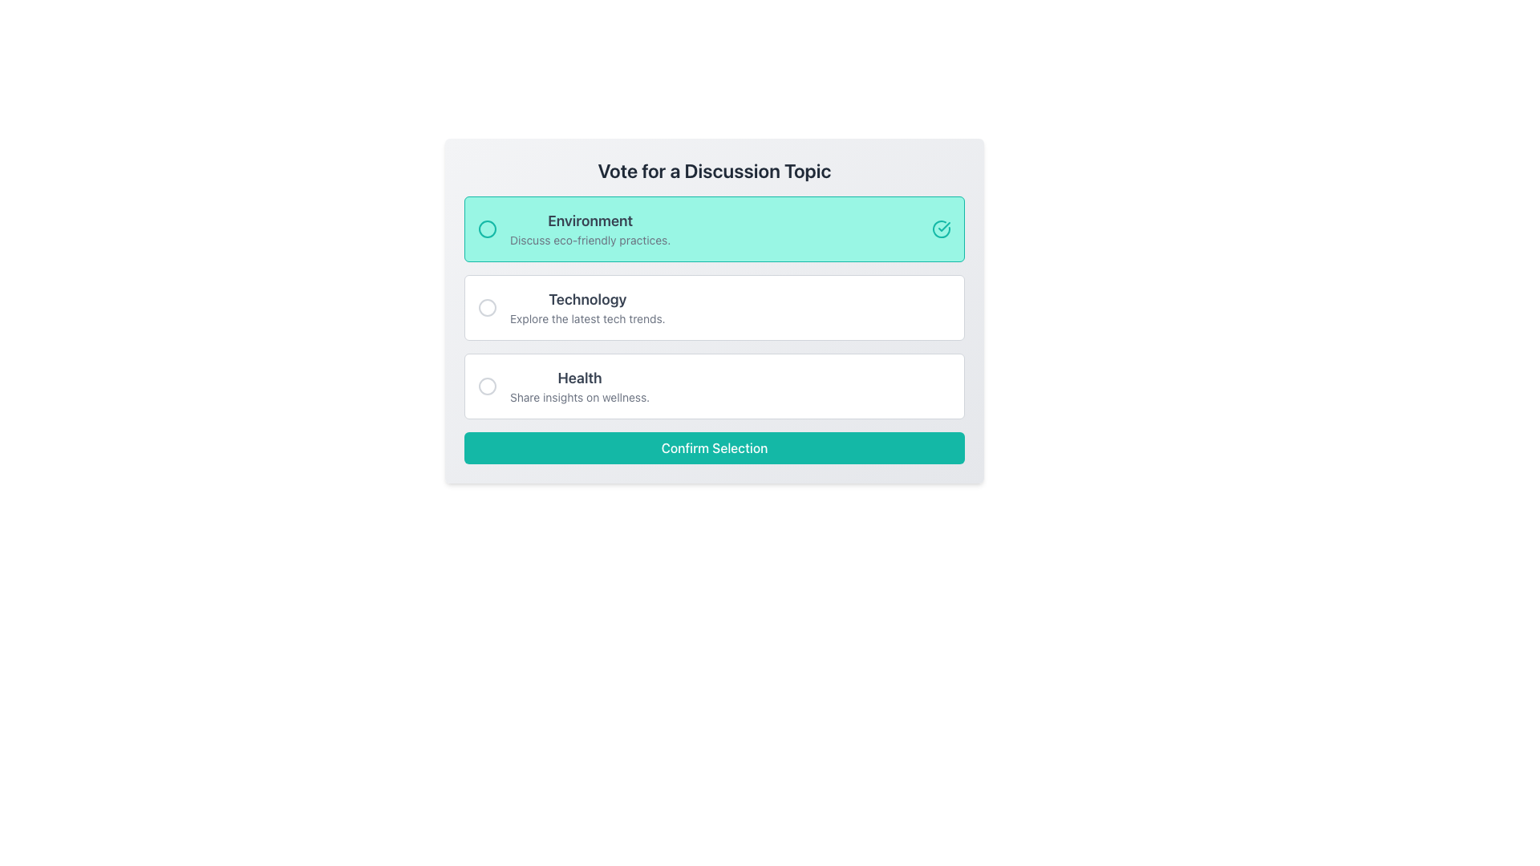 Image resolution: width=1540 pixels, height=866 pixels. What do you see at coordinates (574, 229) in the screenshot?
I see `the selectable list item titled 'Environment' which is the uppermost choice in the list 'Vote for a Discussion Topic'` at bounding box center [574, 229].